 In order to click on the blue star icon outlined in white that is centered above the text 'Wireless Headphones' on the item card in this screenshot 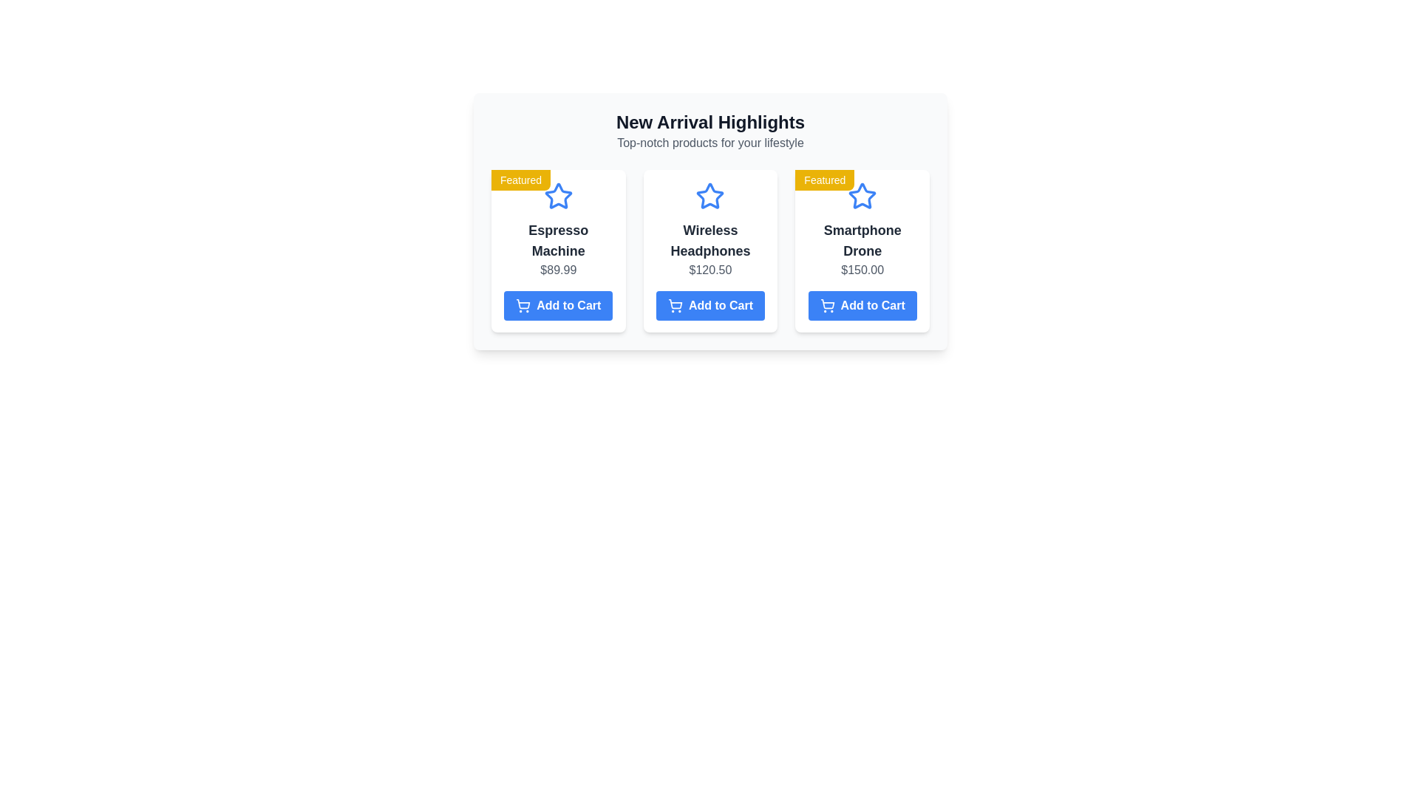, I will do `click(710, 196)`.